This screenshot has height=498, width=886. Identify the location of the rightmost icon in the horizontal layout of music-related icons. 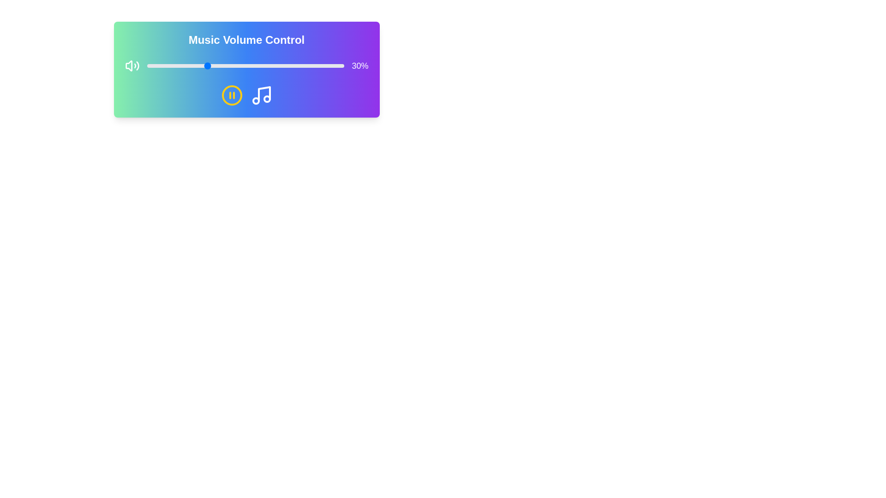
(261, 95).